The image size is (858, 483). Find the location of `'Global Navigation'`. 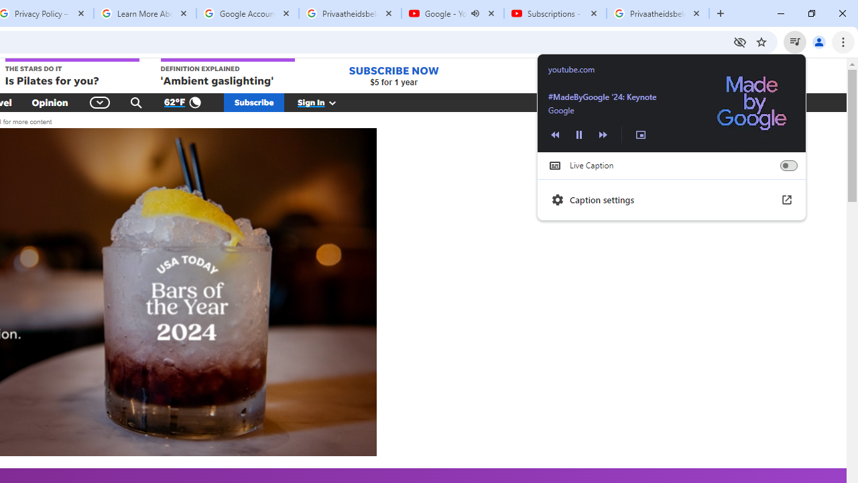

'Global Navigation' is located at coordinates (99, 102).